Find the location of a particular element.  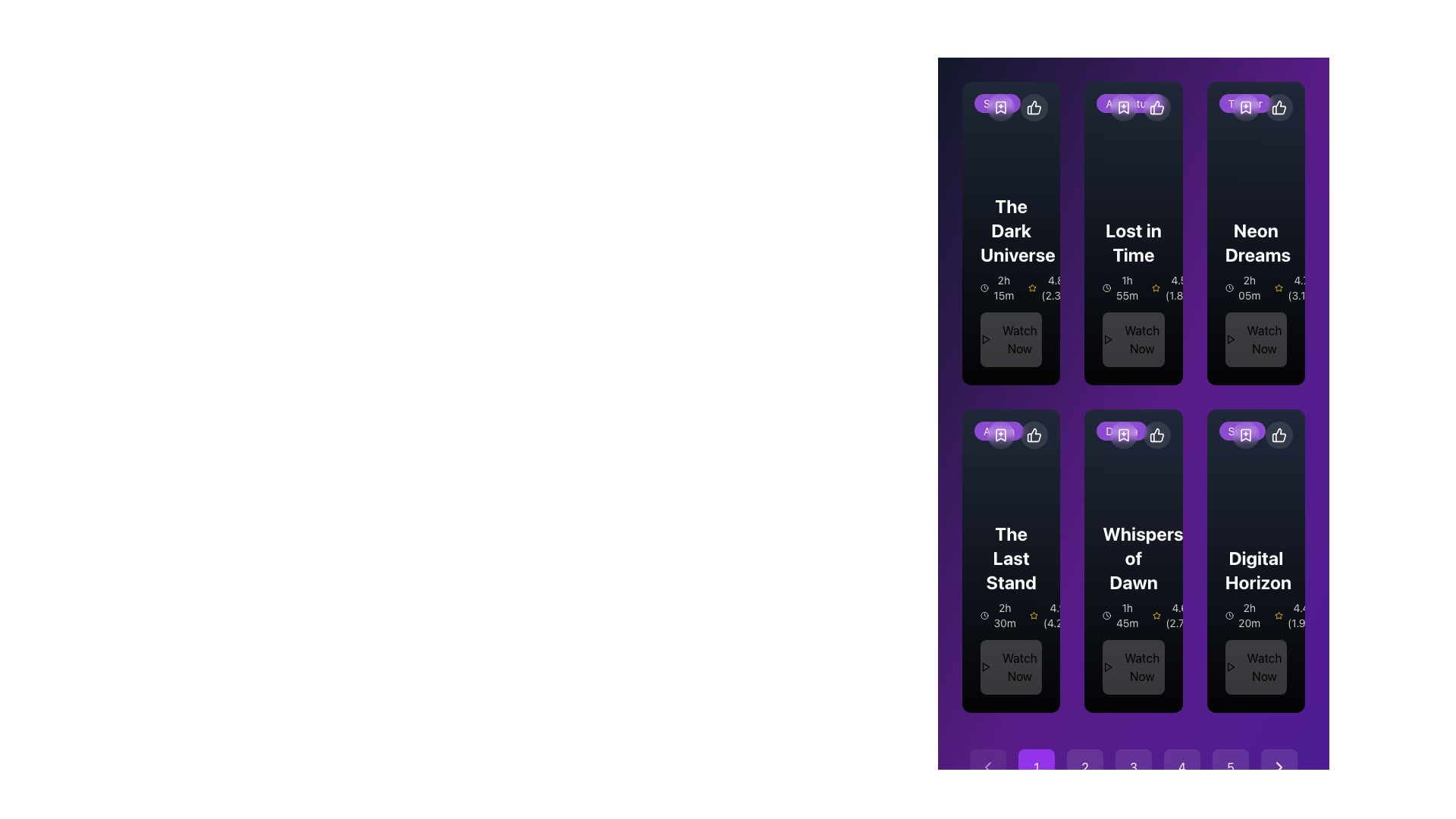

the informational label that displays the duration and rating of the content, located below the title 'Digital Horizon' and above the 'Watch Now' button is located at coordinates (1256, 616).